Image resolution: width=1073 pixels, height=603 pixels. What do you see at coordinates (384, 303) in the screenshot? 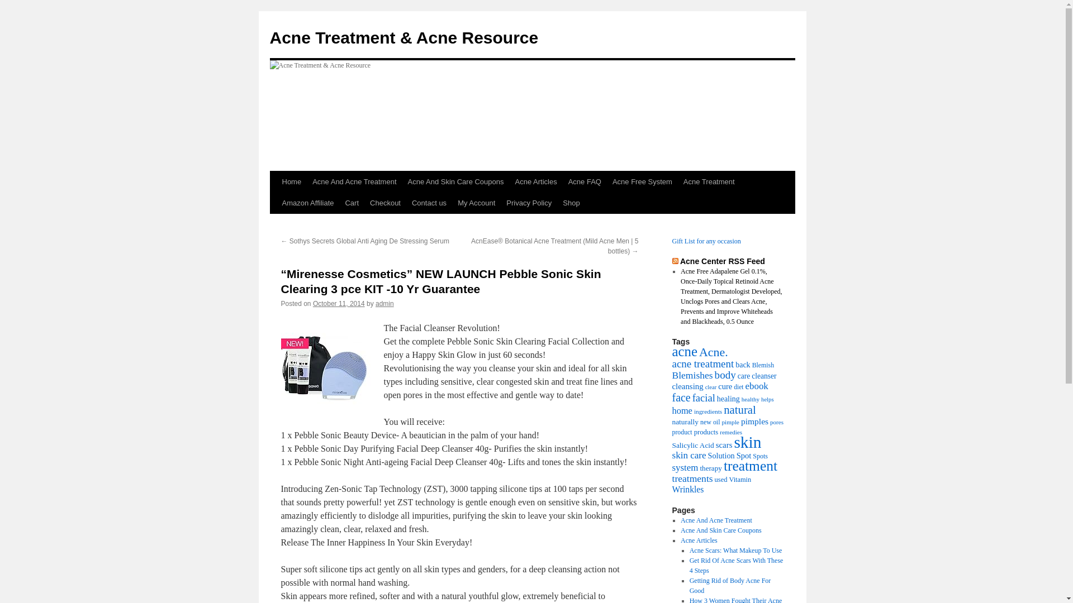
I see `'admin'` at bounding box center [384, 303].